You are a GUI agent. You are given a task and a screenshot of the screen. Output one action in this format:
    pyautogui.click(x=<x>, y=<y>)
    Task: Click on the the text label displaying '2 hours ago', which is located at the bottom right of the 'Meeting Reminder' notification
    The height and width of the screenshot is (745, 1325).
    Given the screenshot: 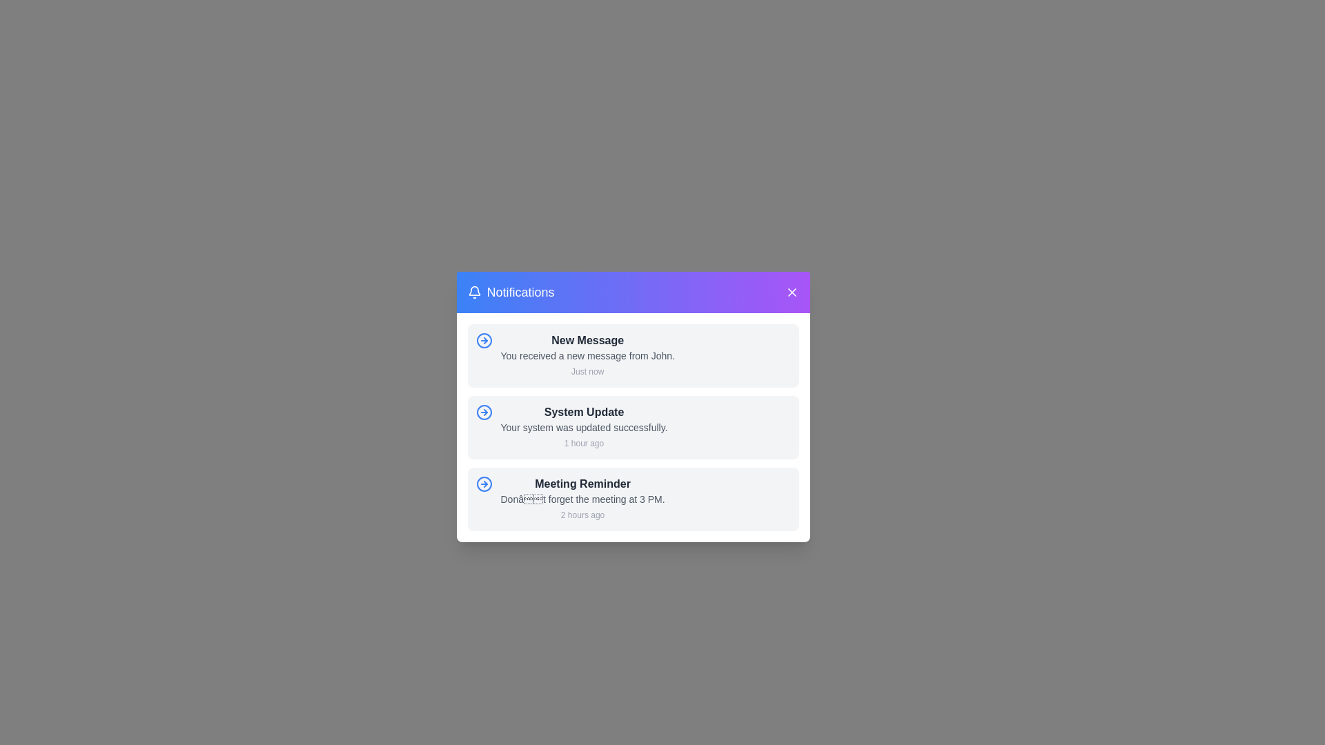 What is the action you would take?
    pyautogui.click(x=582, y=515)
    